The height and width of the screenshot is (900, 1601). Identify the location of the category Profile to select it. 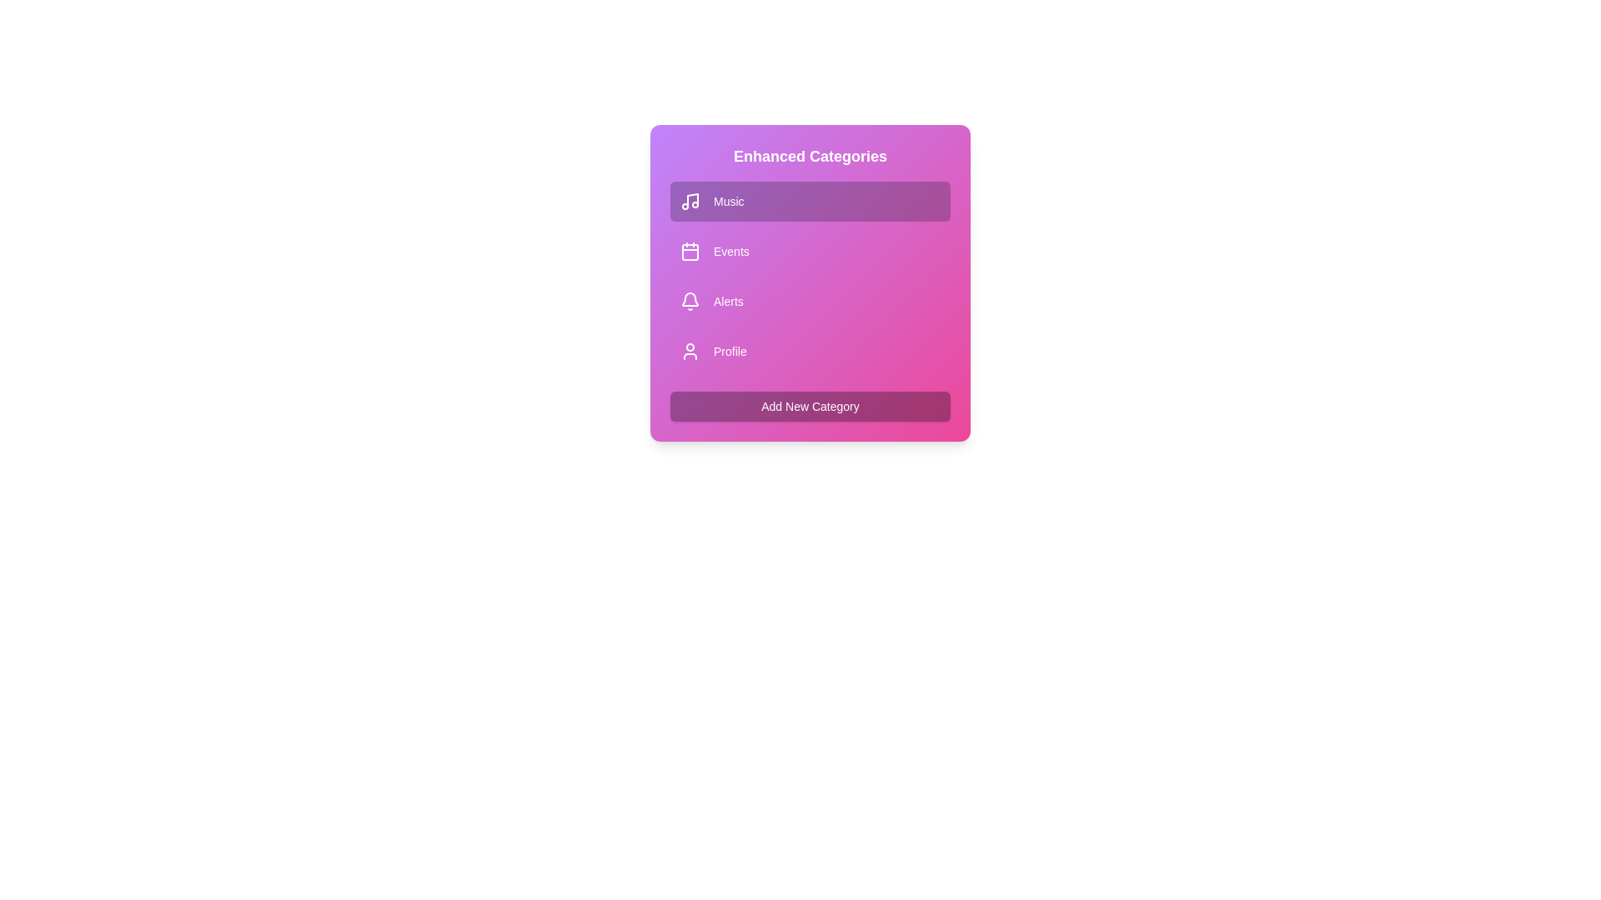
(810, 350).